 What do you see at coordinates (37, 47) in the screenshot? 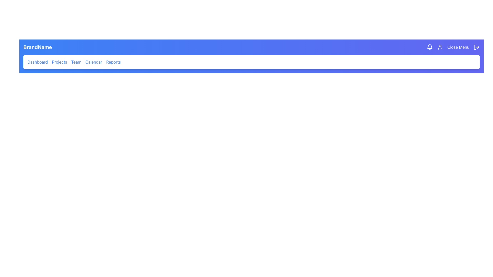
I see `the 'BrandName' text label, which is a bold, extra-large white font on a blue background located at the upper-left corner of the navigation bar` at bounding box center [37, 47].